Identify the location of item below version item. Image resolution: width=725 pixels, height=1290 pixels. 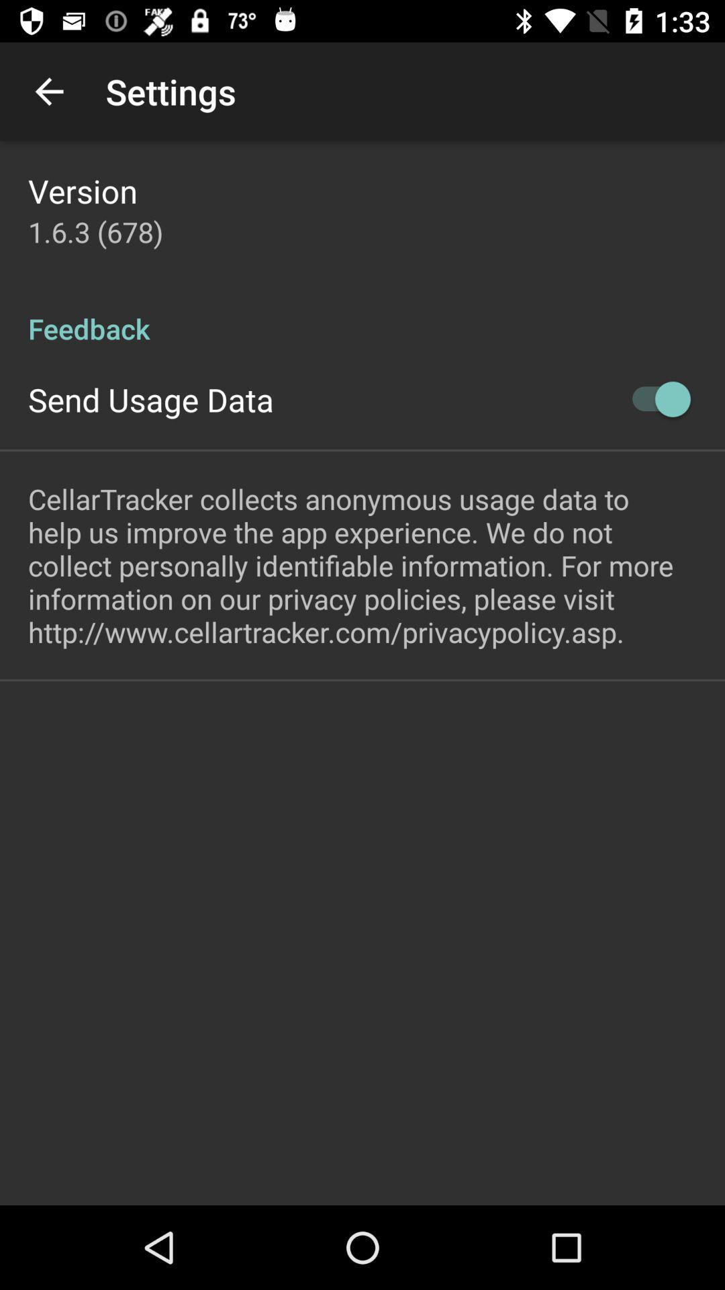
(95, 232).